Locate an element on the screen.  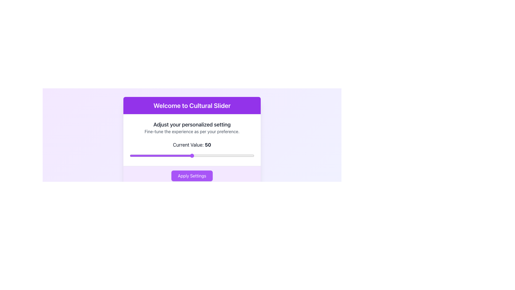
text from the welcoming header located in the purple-colored rectangular banner at the top of the white content panel is located at coordinates (192, 106).